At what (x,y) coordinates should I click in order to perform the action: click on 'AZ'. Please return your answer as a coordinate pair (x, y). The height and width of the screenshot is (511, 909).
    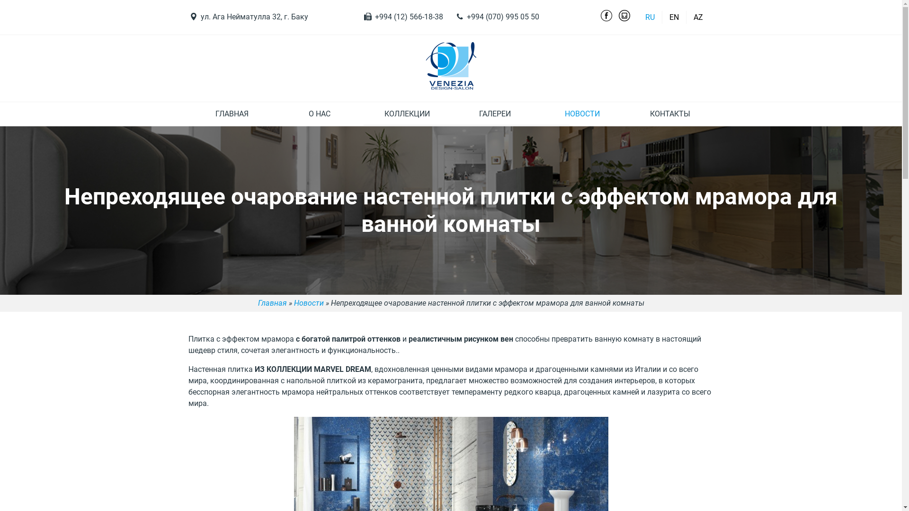
    Looking at the image, I should click on (697, 17).